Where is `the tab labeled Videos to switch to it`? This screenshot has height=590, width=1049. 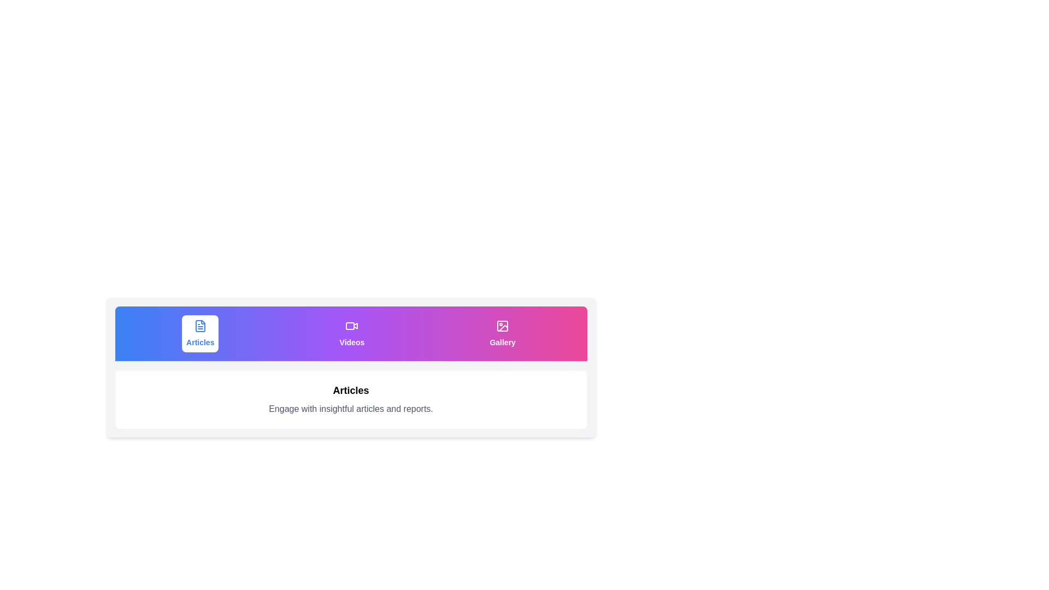 the tab labeled Videos to switch to it is located at coordinates (352, 333).